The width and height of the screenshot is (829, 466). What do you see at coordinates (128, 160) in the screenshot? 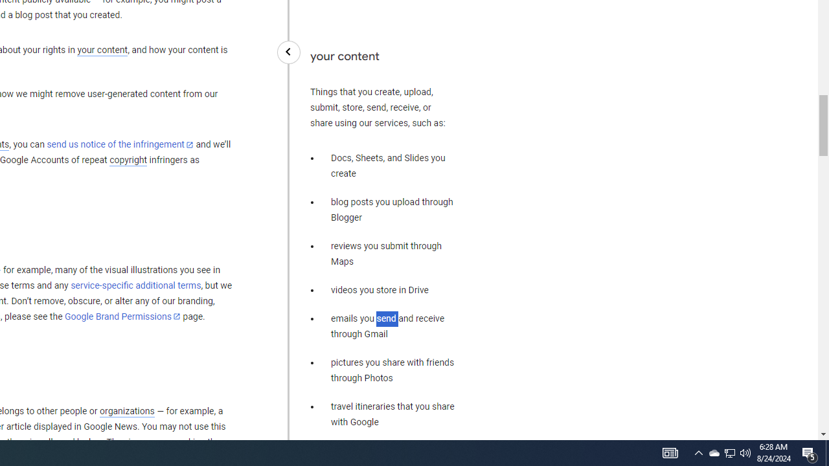
I see `'copyright'` at bounding box center [128, 160].